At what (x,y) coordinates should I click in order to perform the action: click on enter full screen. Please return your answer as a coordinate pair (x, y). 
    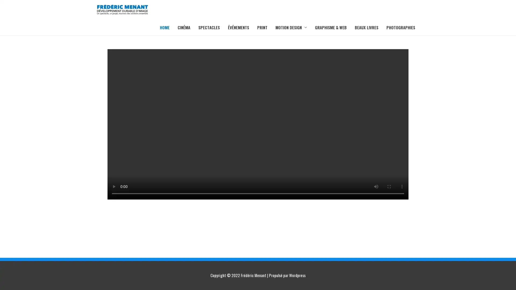
    Looking at the image, I should click on (389, 186).